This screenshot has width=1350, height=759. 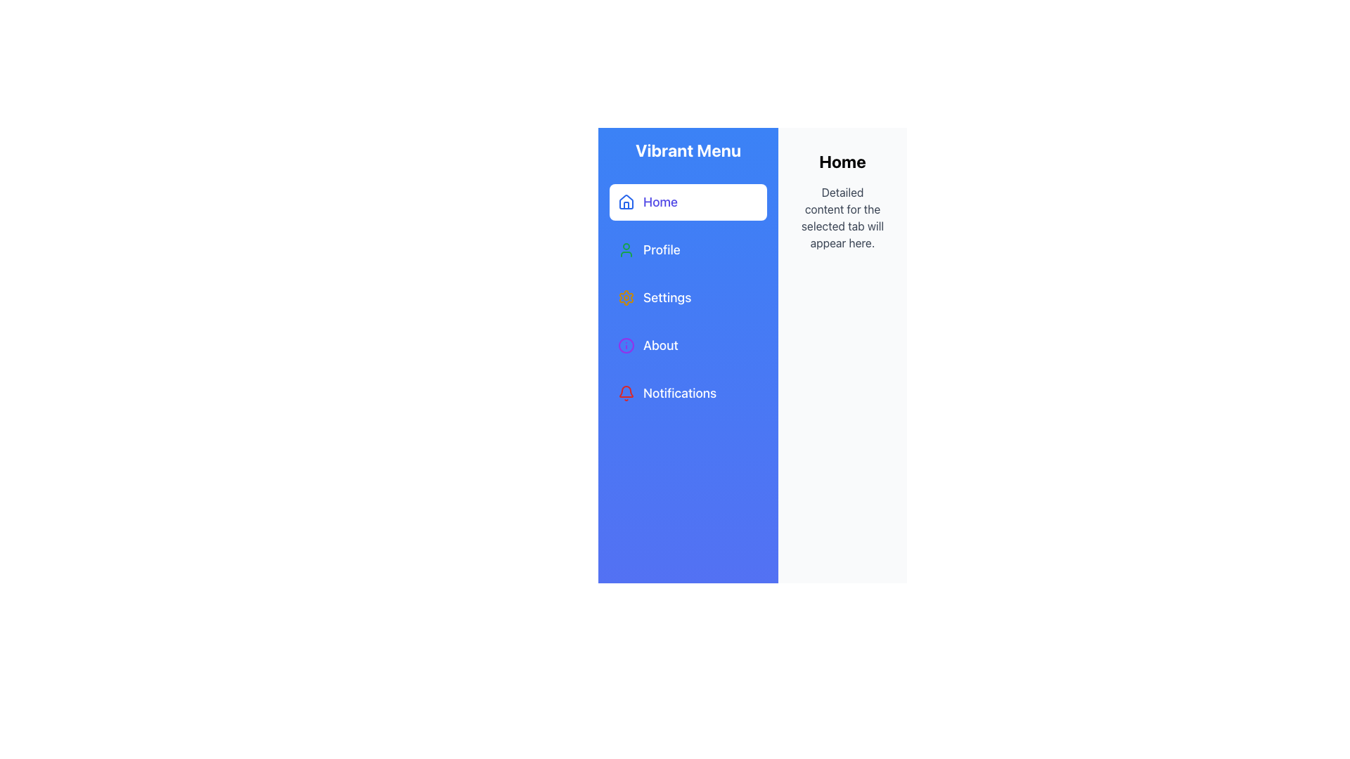 What do you see at coordinates (626, 202) in the screenshot?
I see `the house-shaped icon within the 'Home' menu item` at bounding box center [626, 202].